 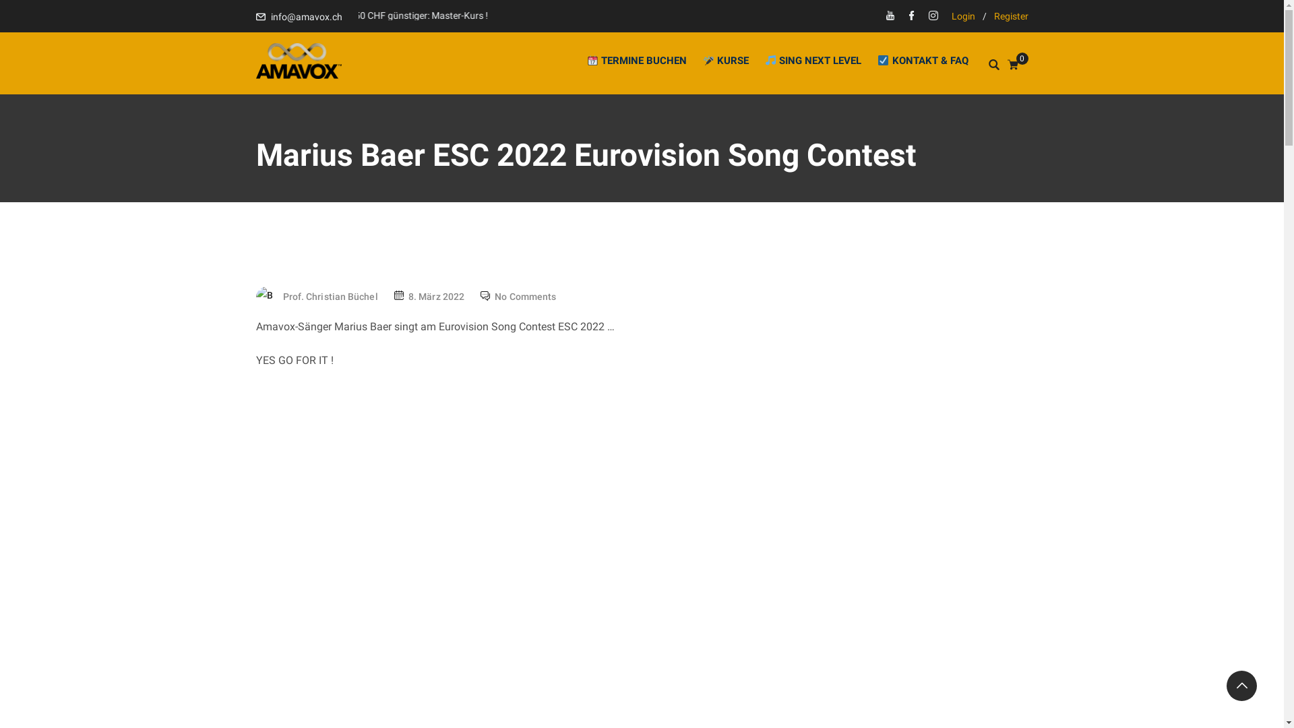 What do you see at coordinates (812, 59) in the screenshot?
I see `'SING NEXT LEVEL'` at bounding box center [812, 59].